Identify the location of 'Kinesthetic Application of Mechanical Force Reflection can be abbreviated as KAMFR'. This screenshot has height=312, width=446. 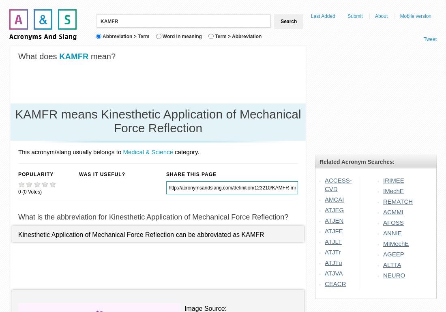
(141, 235).